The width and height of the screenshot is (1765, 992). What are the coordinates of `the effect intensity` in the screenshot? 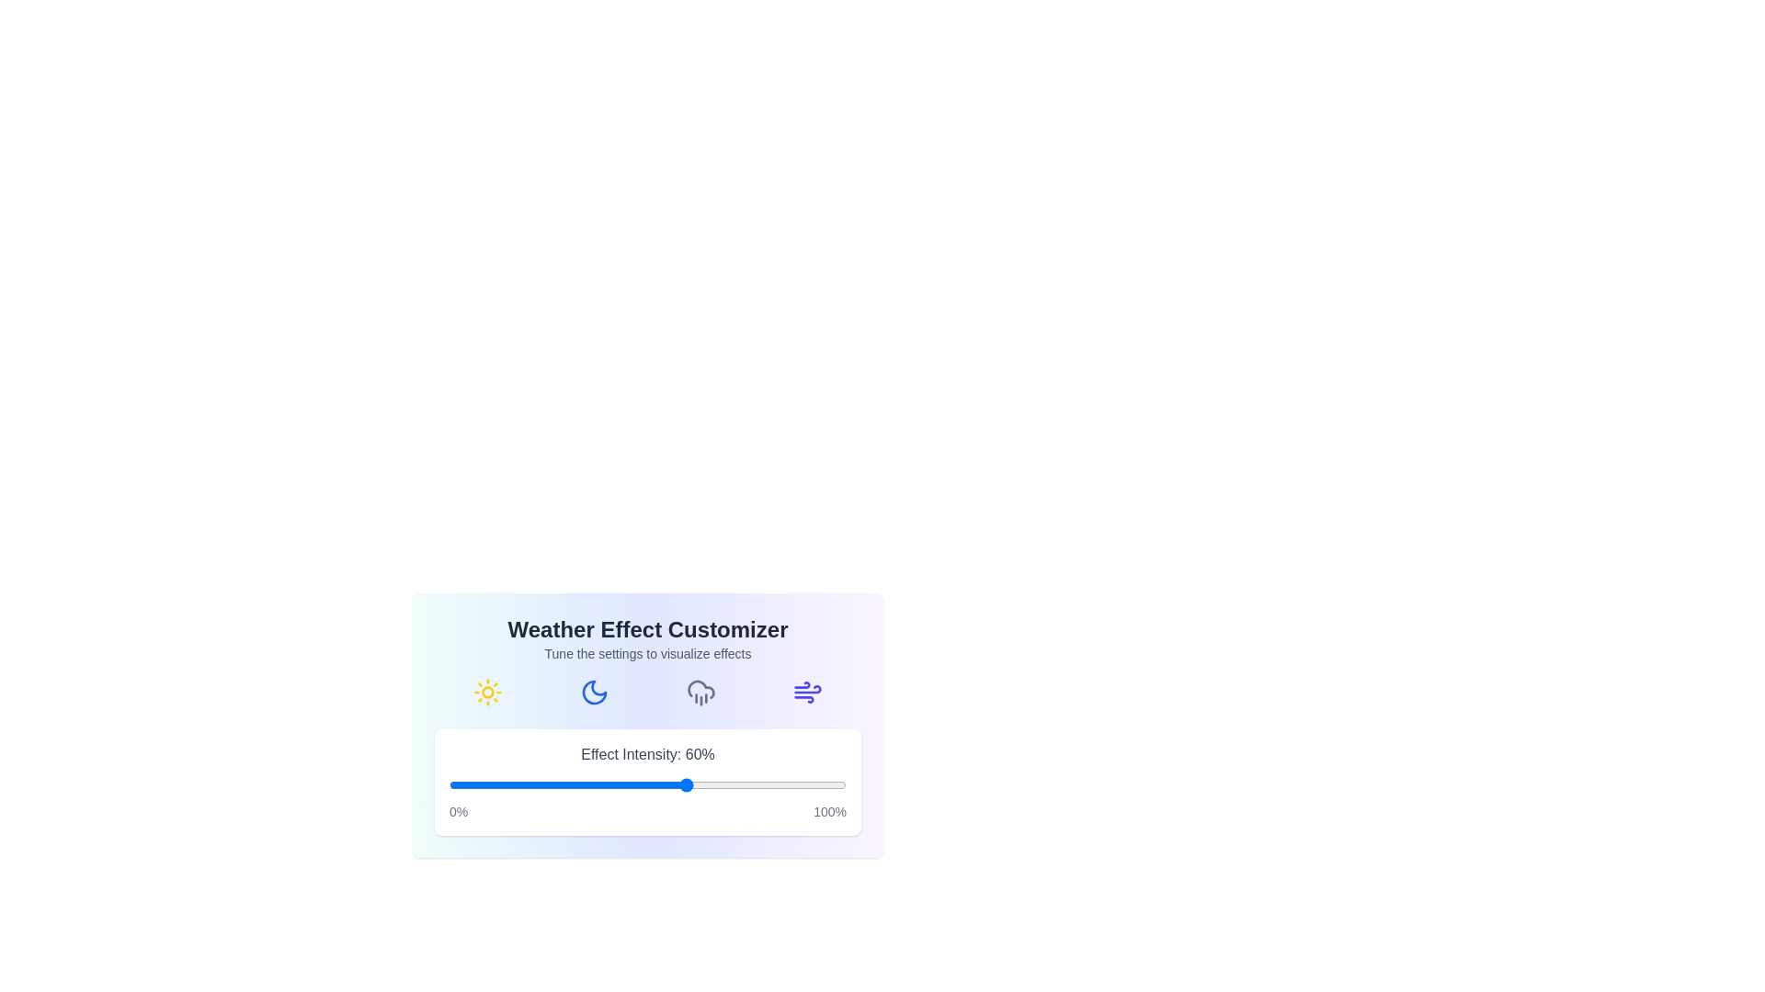 It's located at (528, 785).